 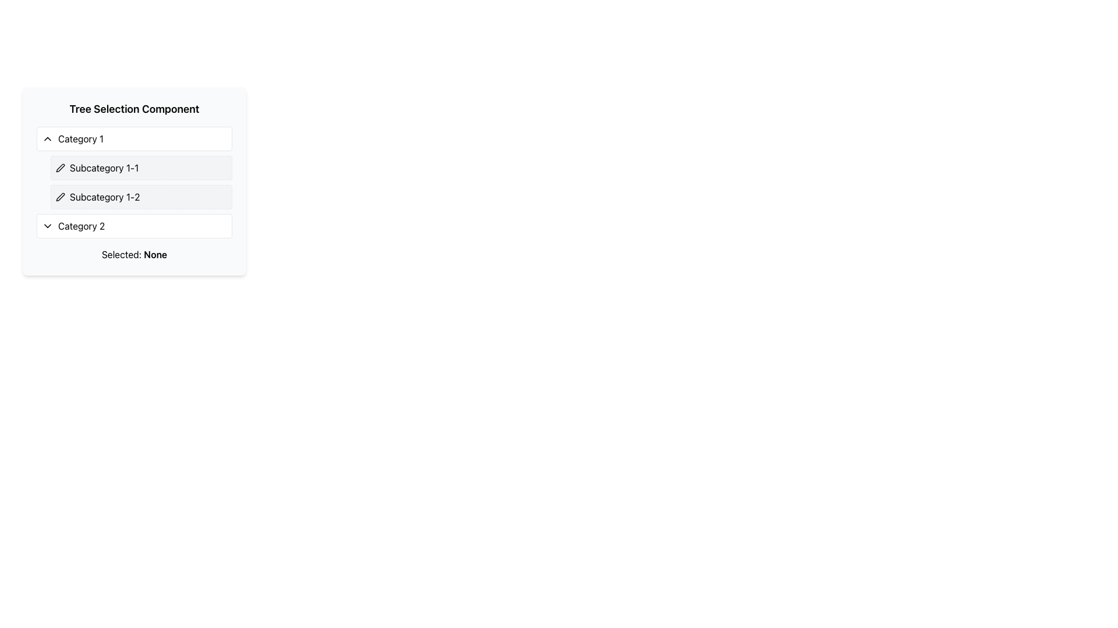 What do you see at coordinates (47, 226) in the screenshot?
I see `the chevron icon` at bounding box center [47, 226].